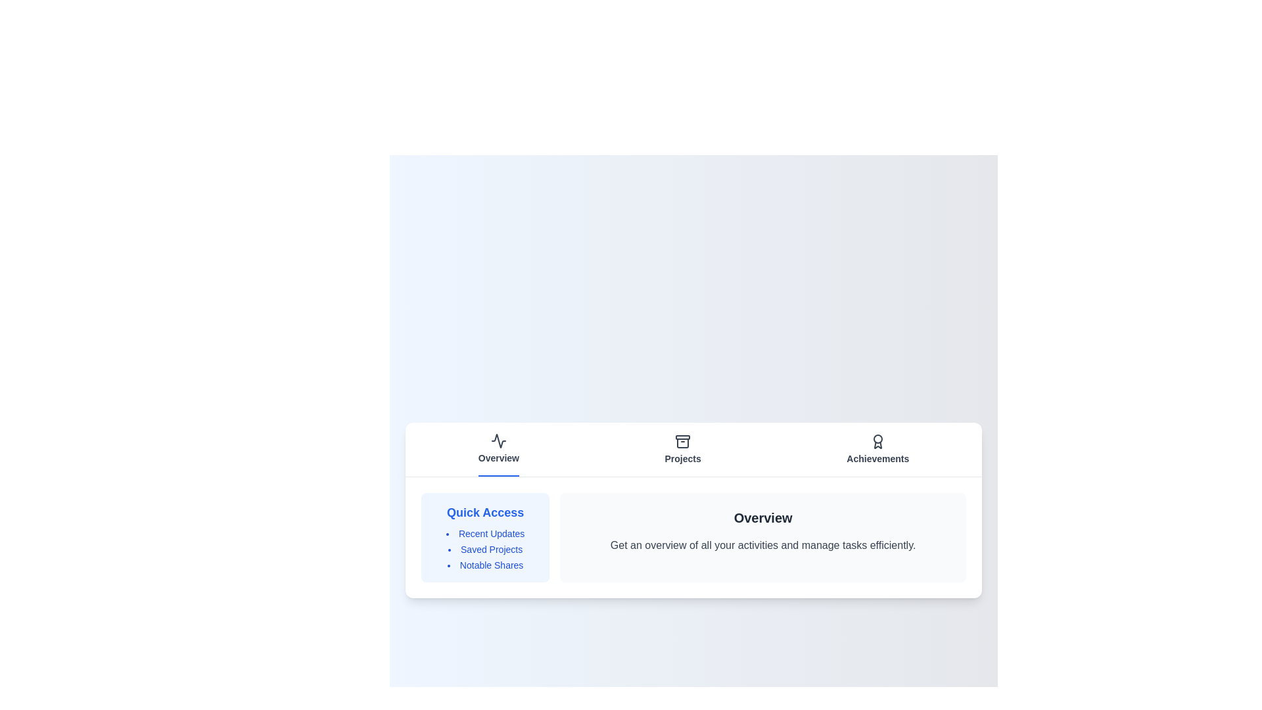  Describe the element at coordinates (575, 537) in the screenshot. I see `the text 'Overview' in the overview section` at that location.